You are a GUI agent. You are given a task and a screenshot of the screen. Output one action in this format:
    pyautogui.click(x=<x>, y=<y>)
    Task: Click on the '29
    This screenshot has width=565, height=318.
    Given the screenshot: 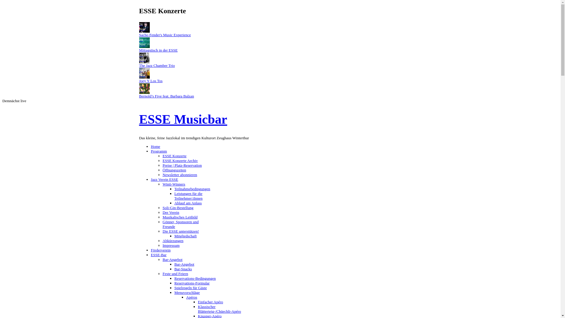 What is the action you would take?
    pyautogui.click(x=280, y=45)
    